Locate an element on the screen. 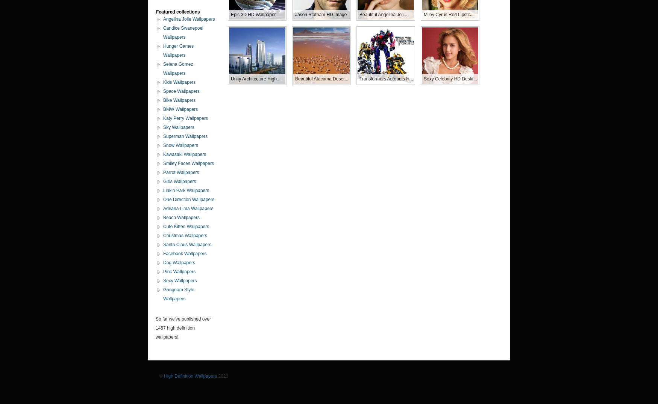 This screenshot has width=658, height=404. 'Kawasaki Wallpapers' is located at coordinates (185, 154).